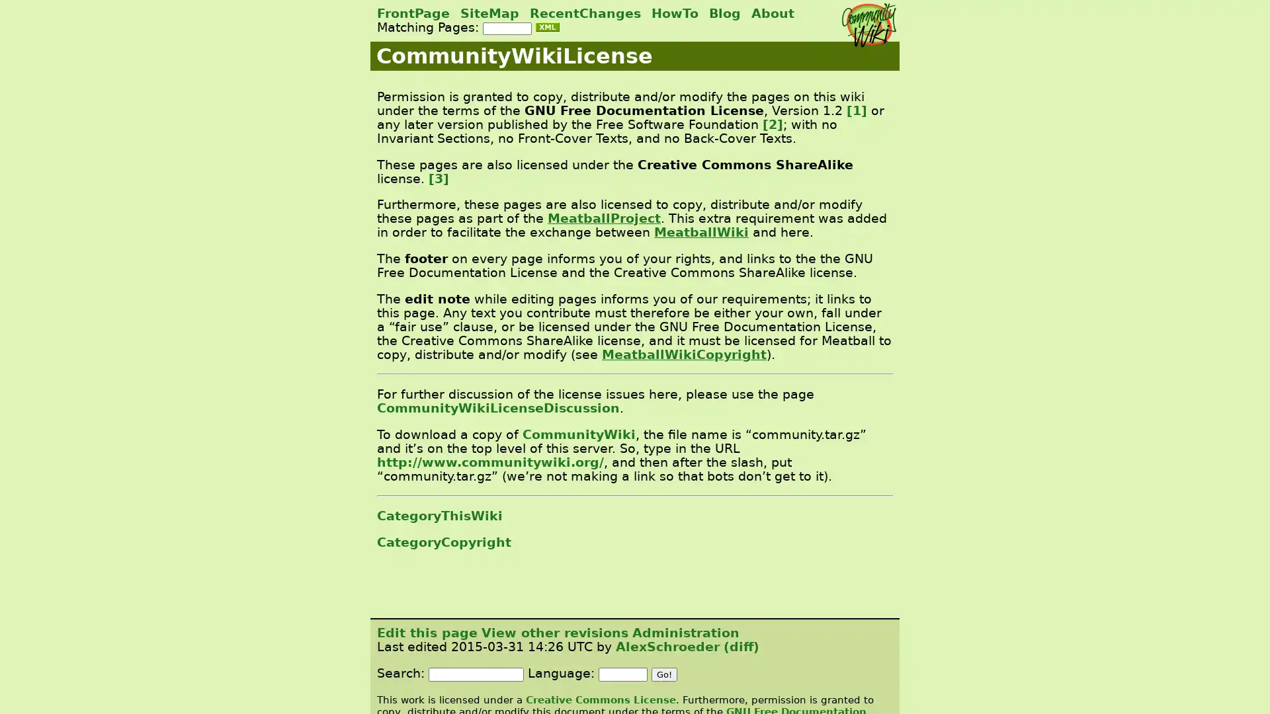 The image size is (1270, 714). What do you see at coordinates (664, 674) in the screenshot?
I see `Go!` at bounding box center [664, 674].